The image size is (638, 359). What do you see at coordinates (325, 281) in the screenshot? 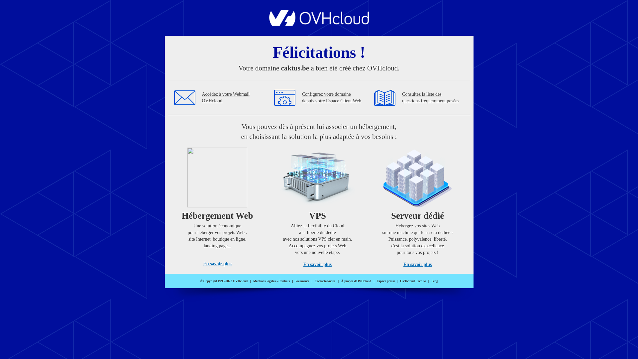
I see `'Contactez-nous'` at bounding box center [325, 281].